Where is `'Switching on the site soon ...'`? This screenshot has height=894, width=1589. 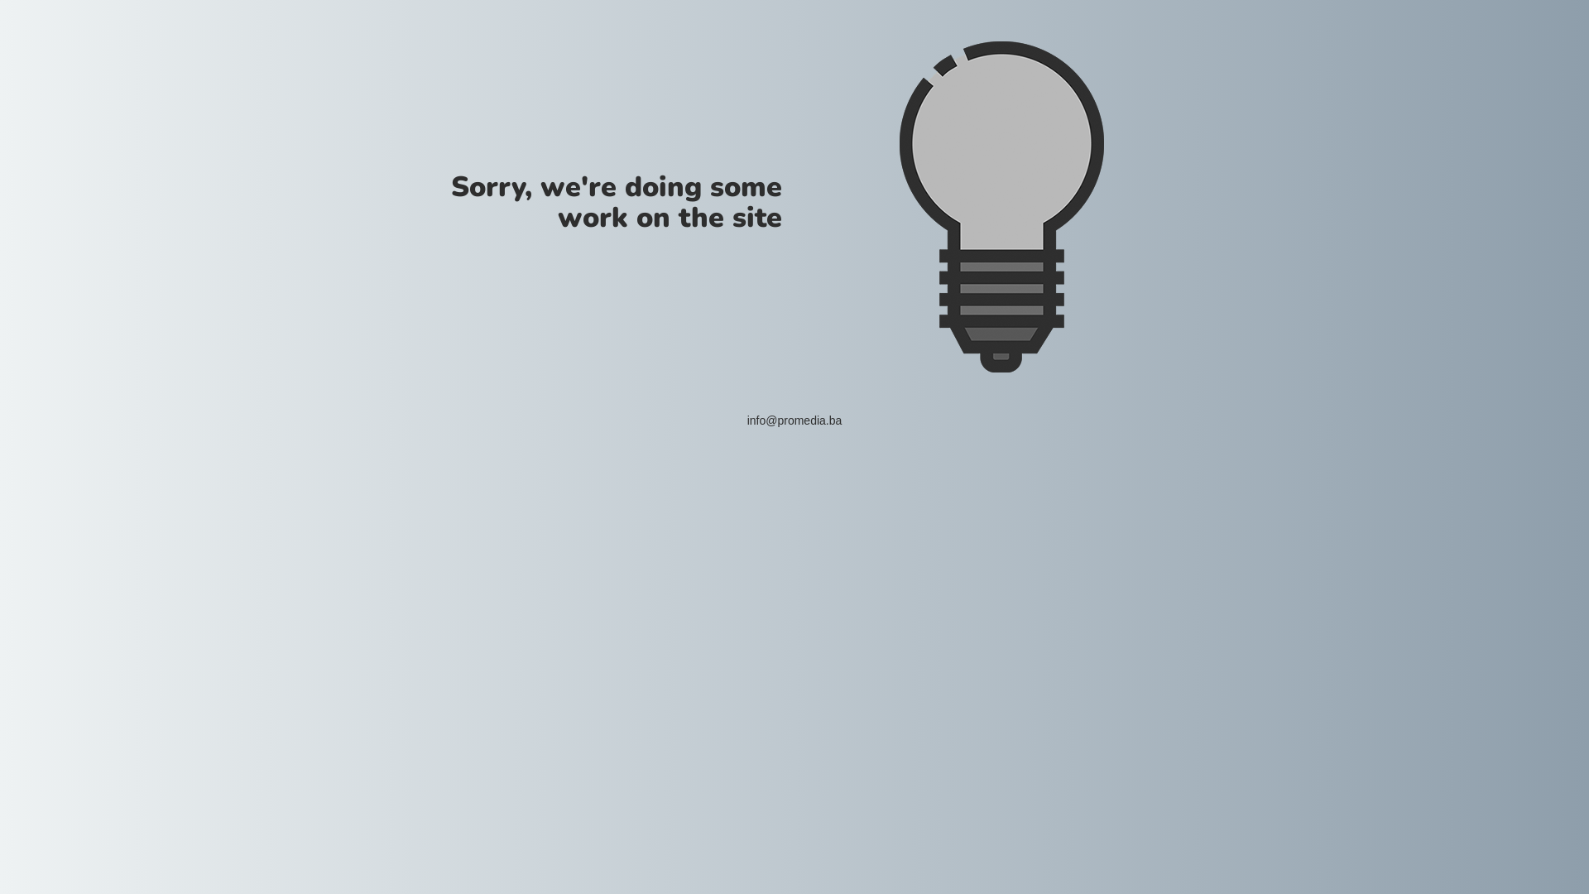 'Switching on the site soon ...' is located at coordinates (1000, 206).